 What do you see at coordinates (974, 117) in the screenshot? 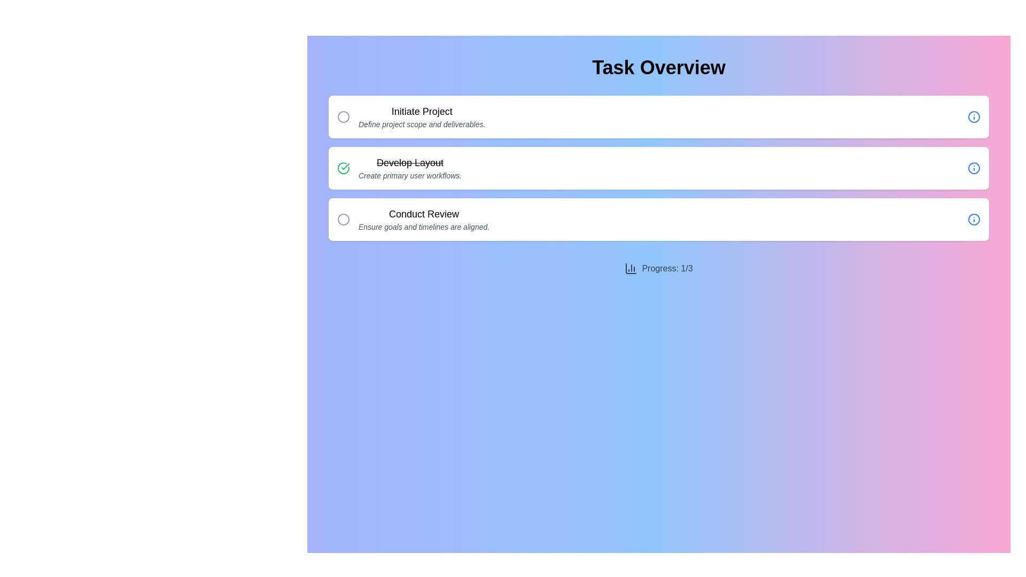
I see `the info icon of the task titled 'Initiate Project'` at bounding box center [974, 117].